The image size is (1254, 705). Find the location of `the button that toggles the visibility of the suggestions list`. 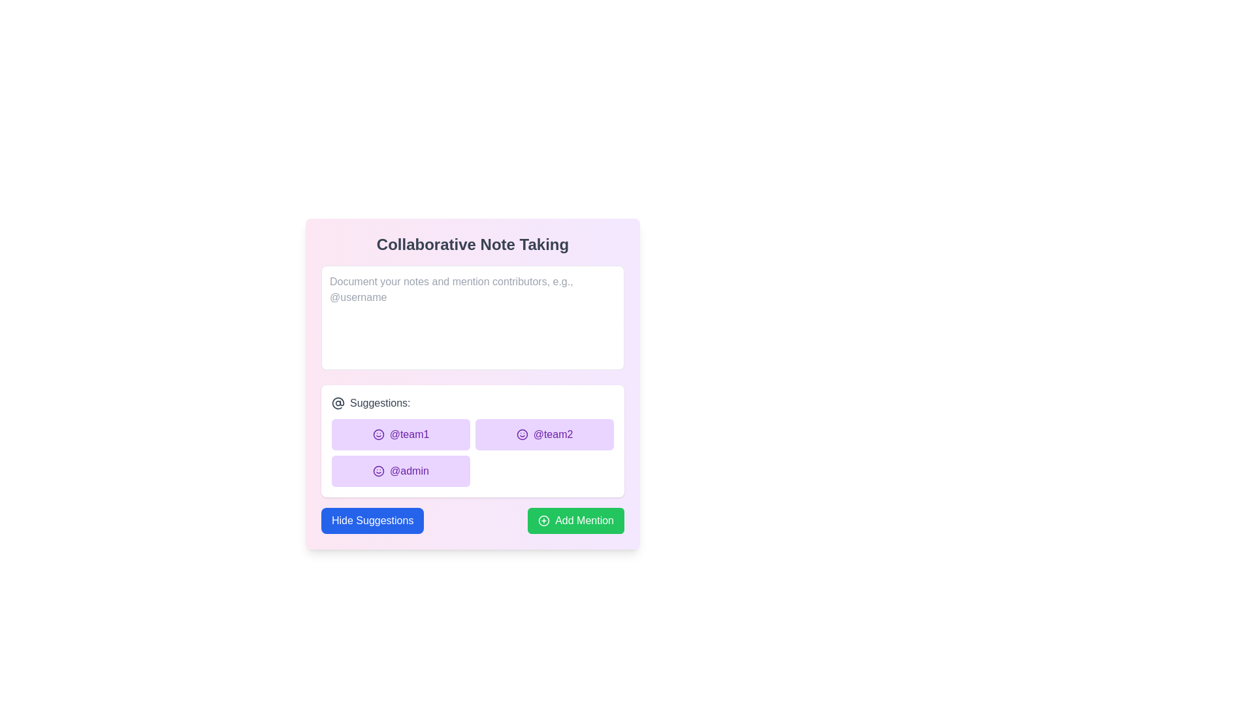

the button that toggles the visibility of the suggestions list is located at coordinates (372, 520).